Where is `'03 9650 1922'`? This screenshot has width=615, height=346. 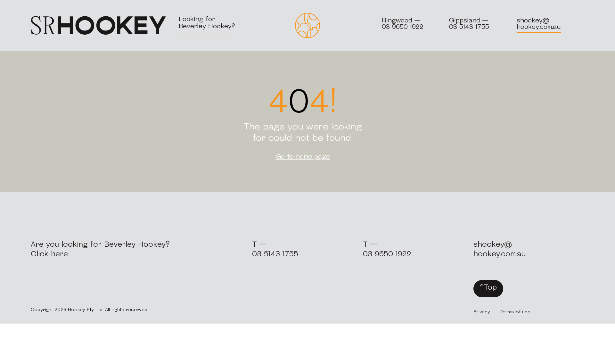
'03 9650 1922' is located at coordinates (402, 27).